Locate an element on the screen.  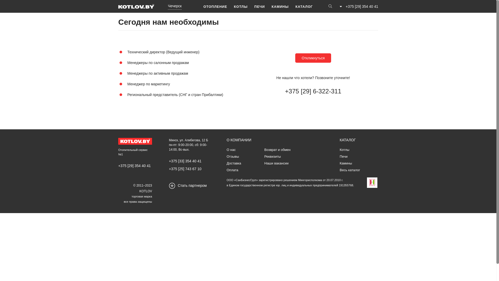
'+375 [33] 354 40 41' is located at coordinates (185, 161).